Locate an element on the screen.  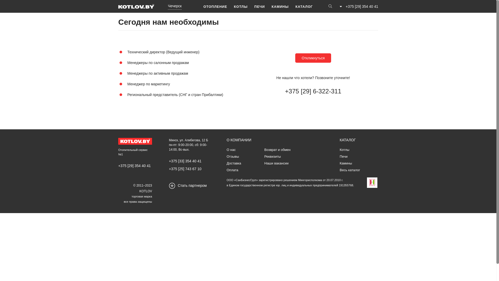
'+375 [33] 354 40 41' is located at coordinates (185, 161).